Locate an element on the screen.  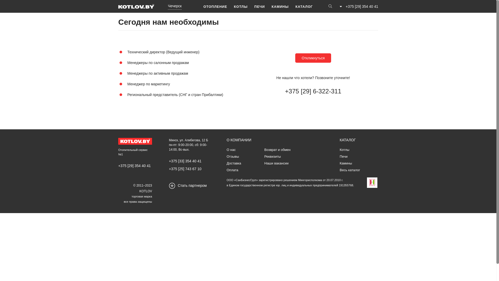
'+375 [33] 354 40 41' is located at coordinates (185, 161).